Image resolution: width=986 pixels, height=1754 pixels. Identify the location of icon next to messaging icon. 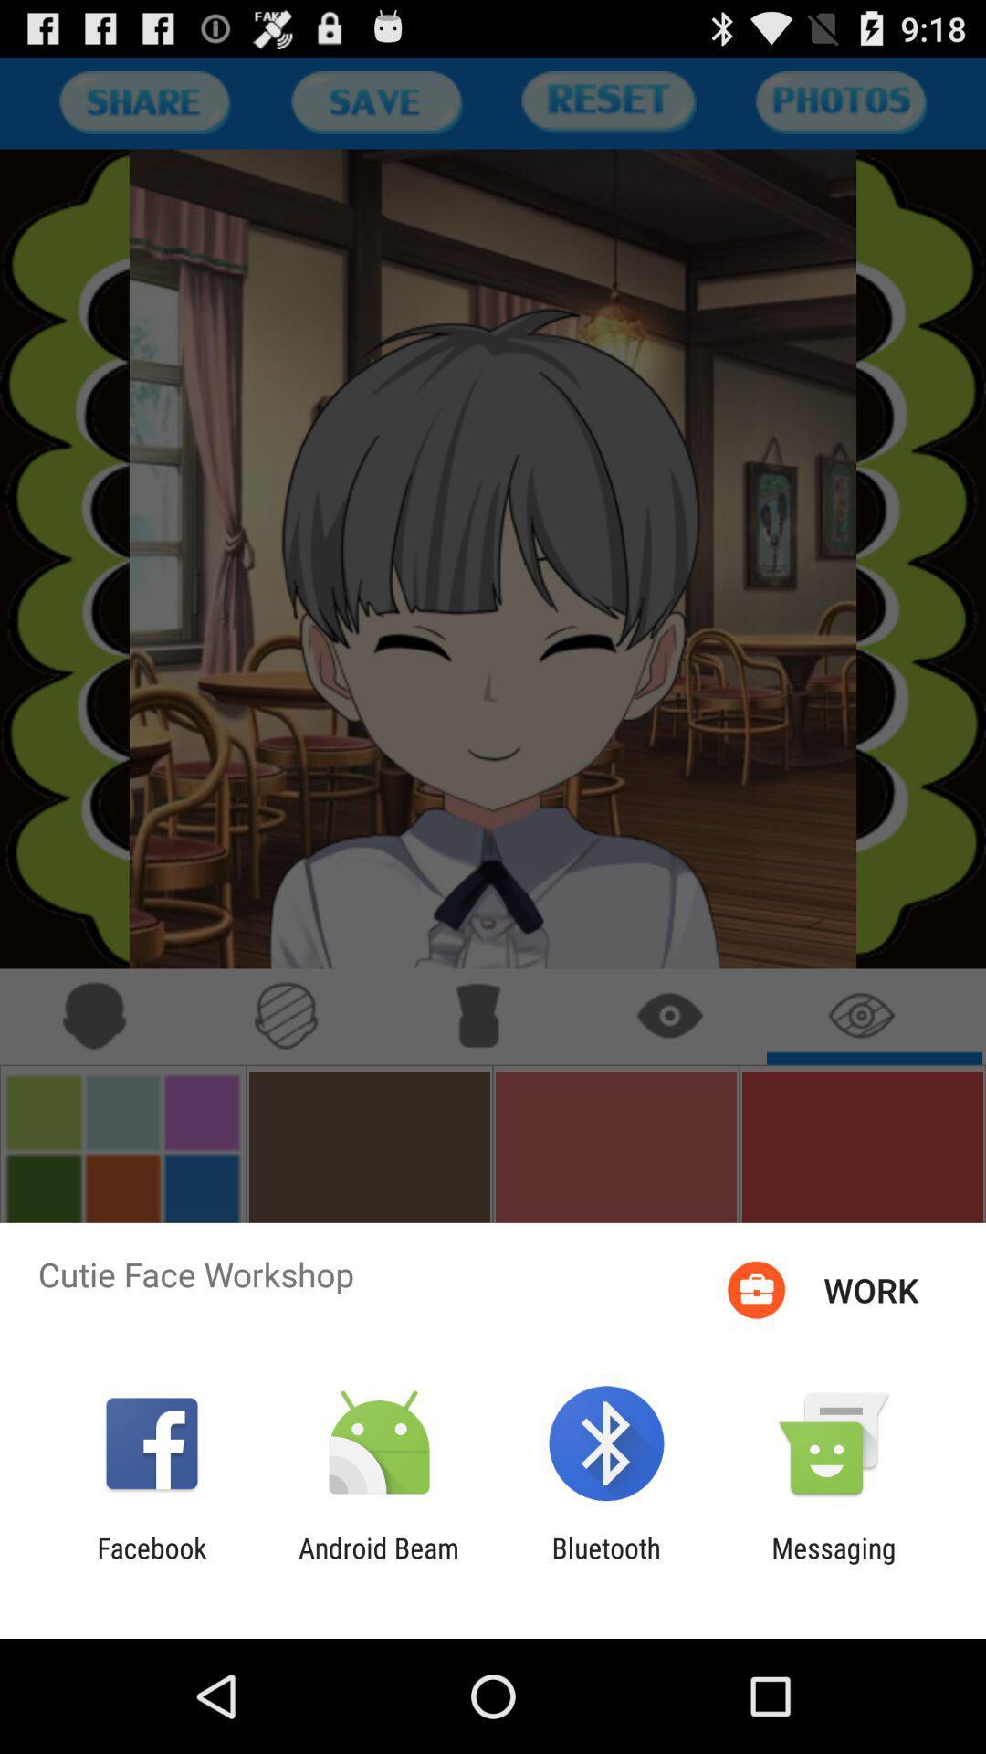
(606, 1563).